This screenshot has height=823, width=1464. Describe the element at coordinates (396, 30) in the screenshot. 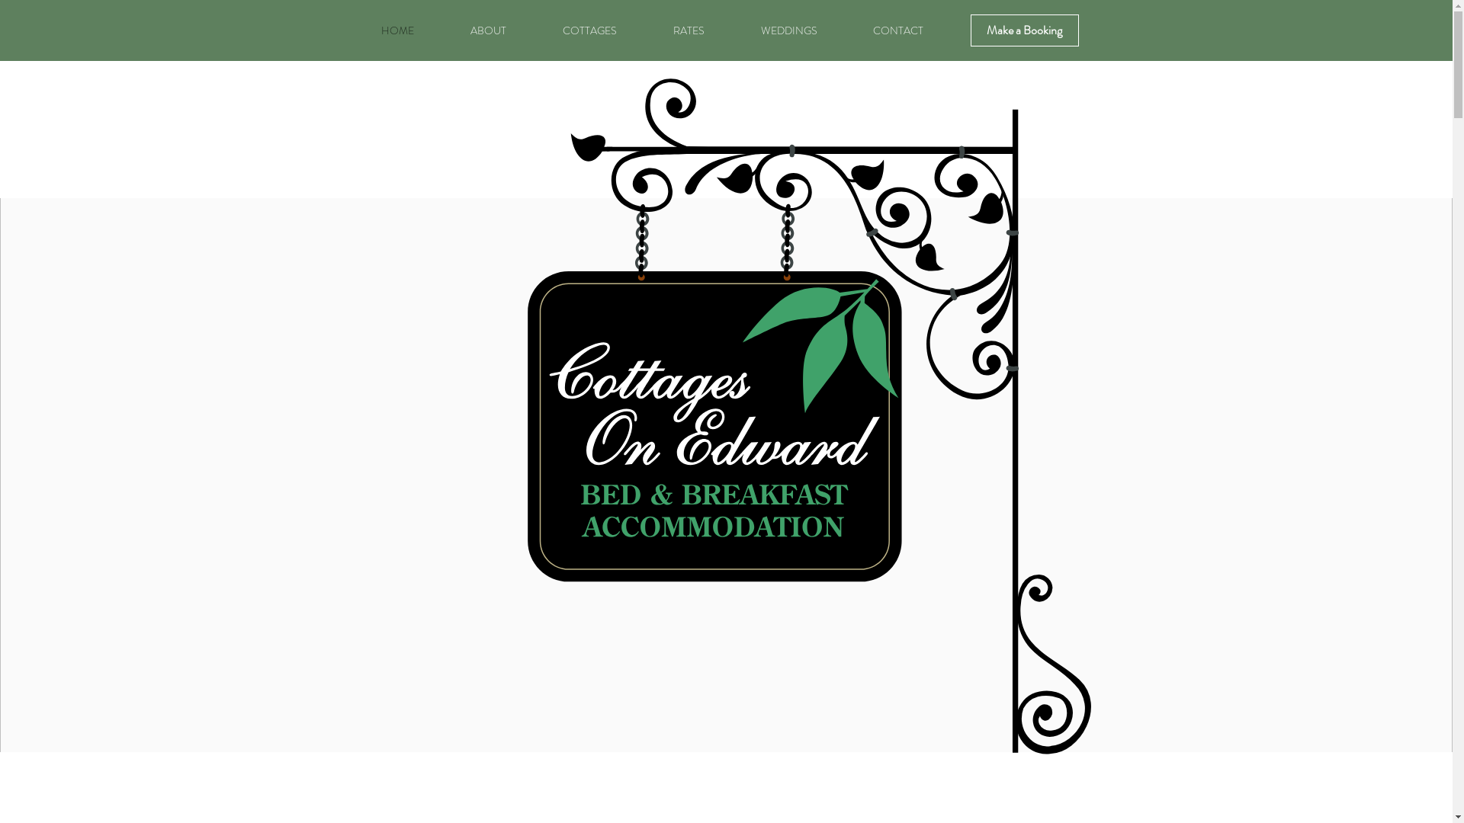

I see `'HOME'` at that location.